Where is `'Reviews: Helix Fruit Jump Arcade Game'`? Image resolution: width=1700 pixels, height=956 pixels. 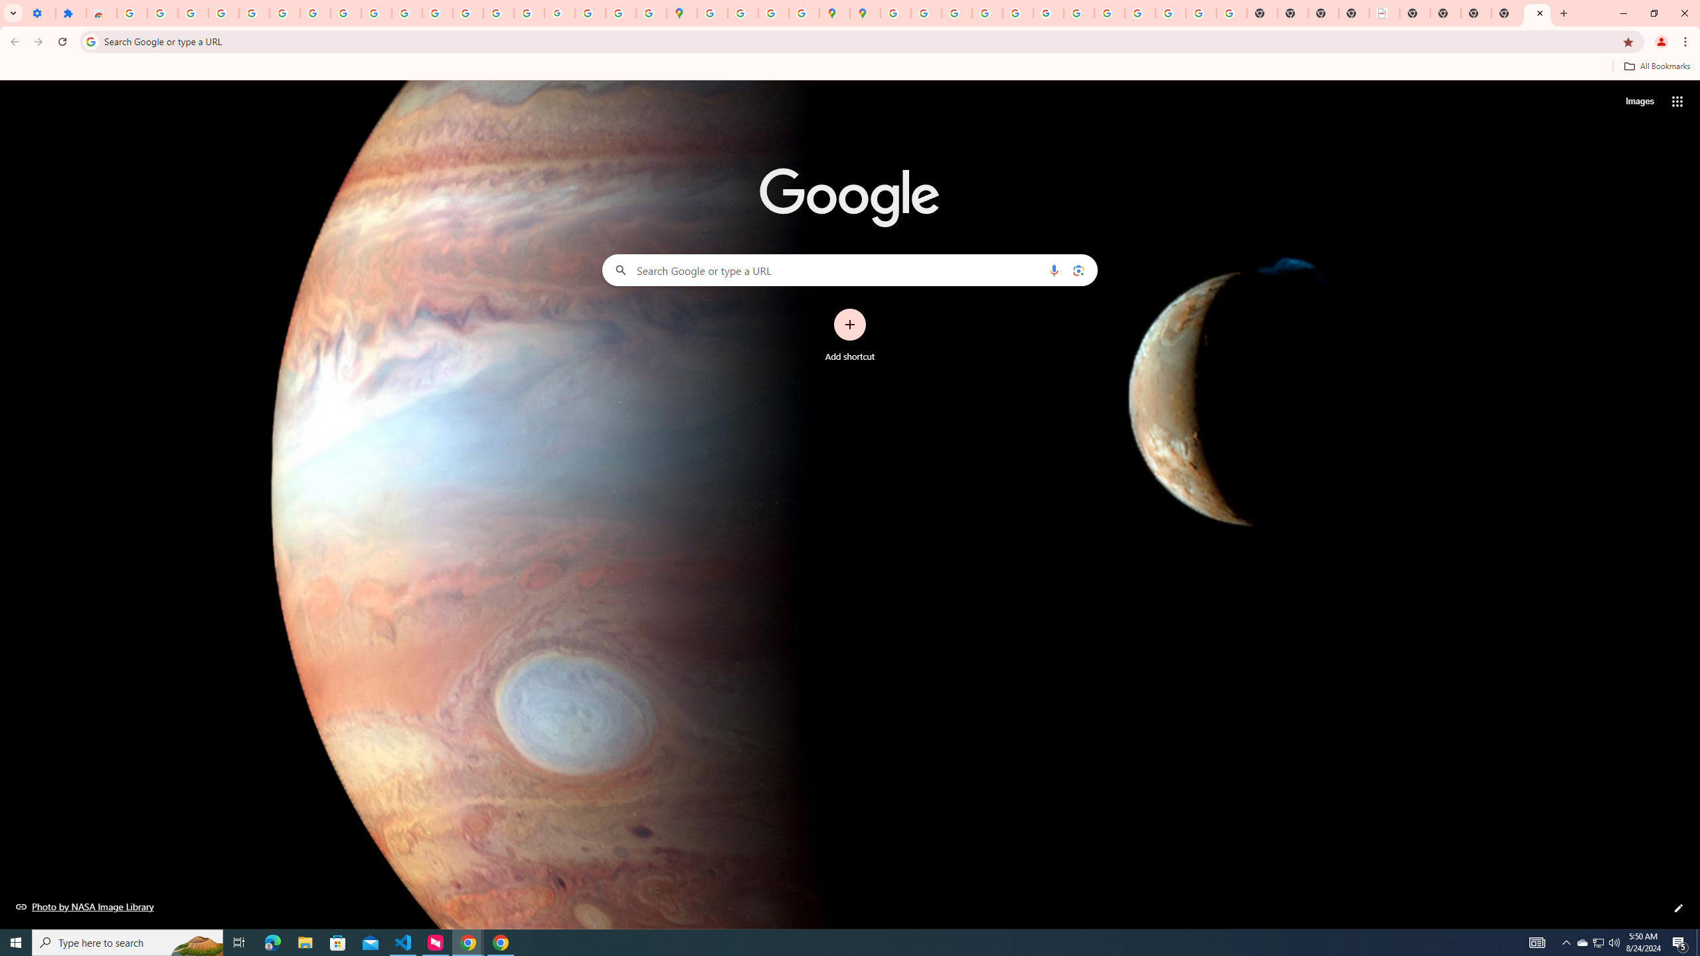
'Reviews: Helix Fruit Jump Arcade Game' is located at coordinates (100, 13).